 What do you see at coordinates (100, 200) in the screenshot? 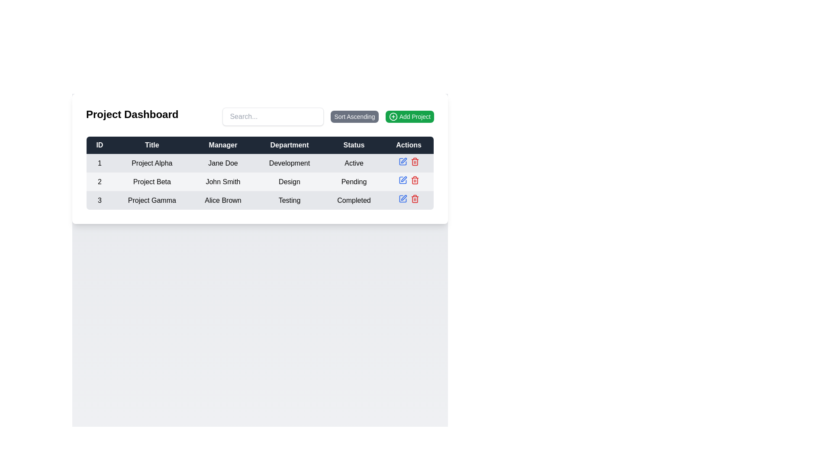
I see `the static text label displaying the sequential identifier 'Project Gamma', located in the third row of the table under the 'ID' column` at bounding box center [100, 200].